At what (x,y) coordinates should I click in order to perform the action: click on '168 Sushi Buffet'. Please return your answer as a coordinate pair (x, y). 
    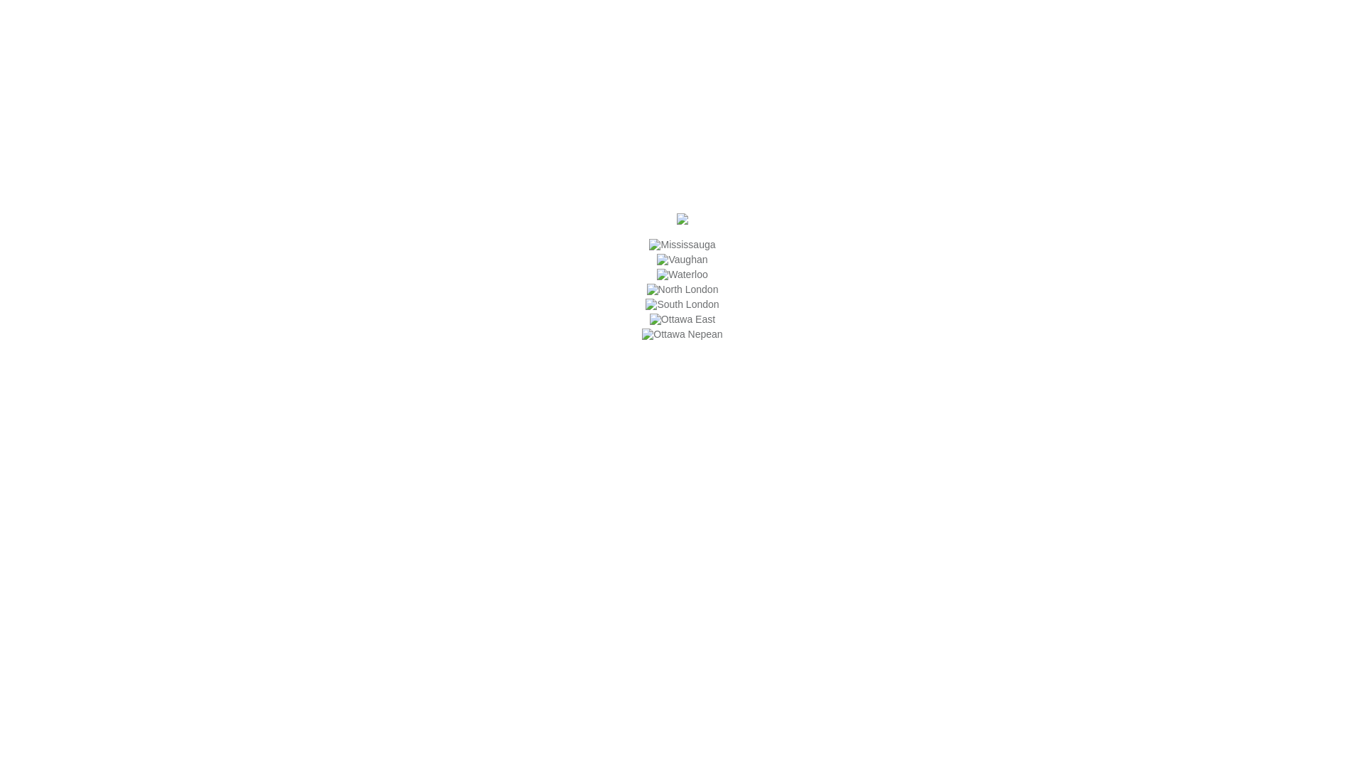
    Looking at the image, I should click on (682, 221).